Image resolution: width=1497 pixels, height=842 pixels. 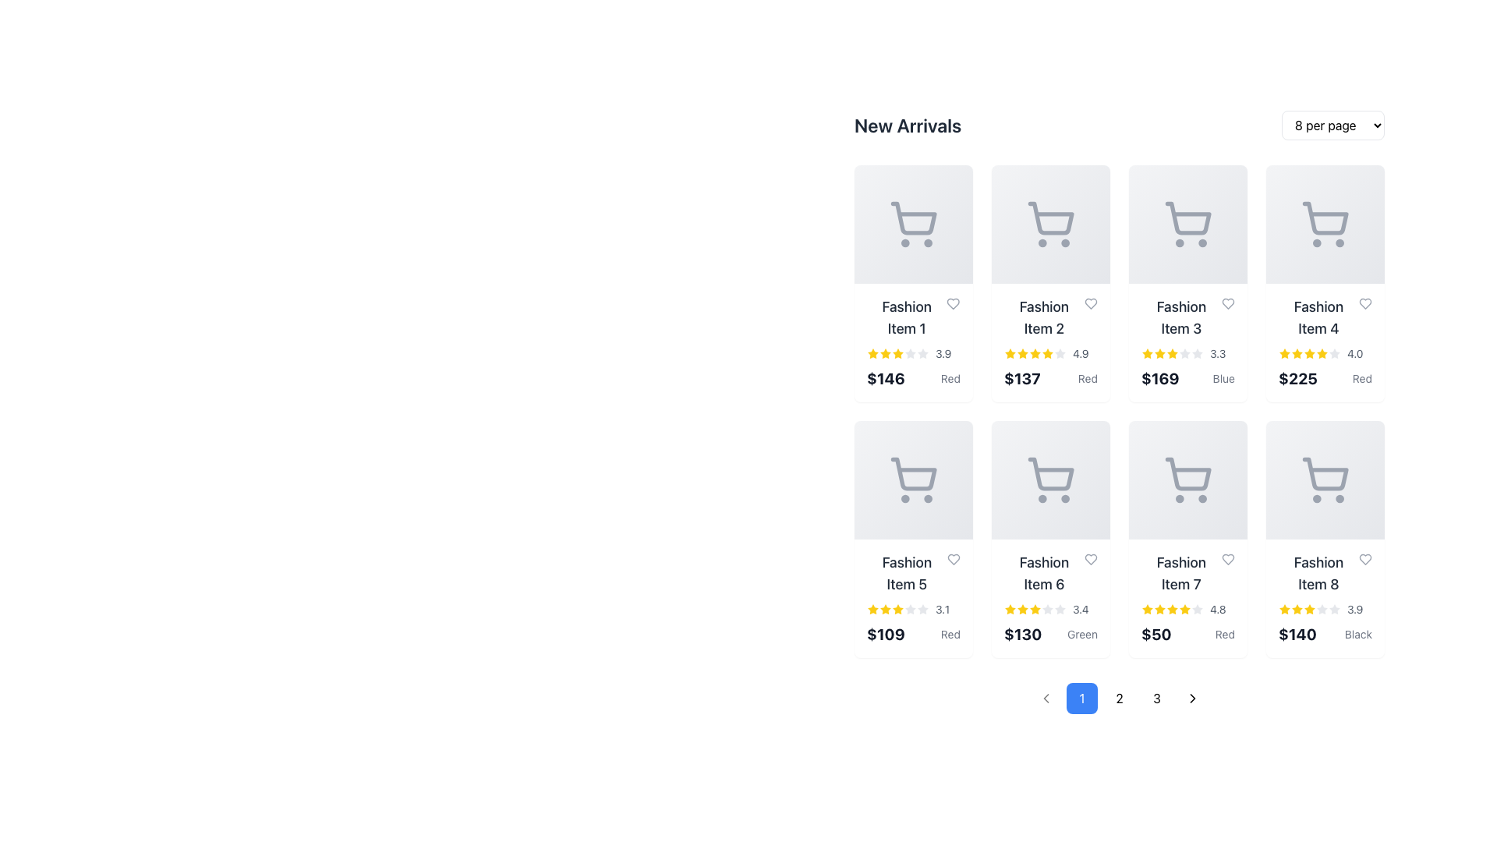 I want to click on numeric text label '3.9' which confirms the rating associated with the item, located to the right of the row of stars in the bottom right corner of the card, so click(x=943, y=354).